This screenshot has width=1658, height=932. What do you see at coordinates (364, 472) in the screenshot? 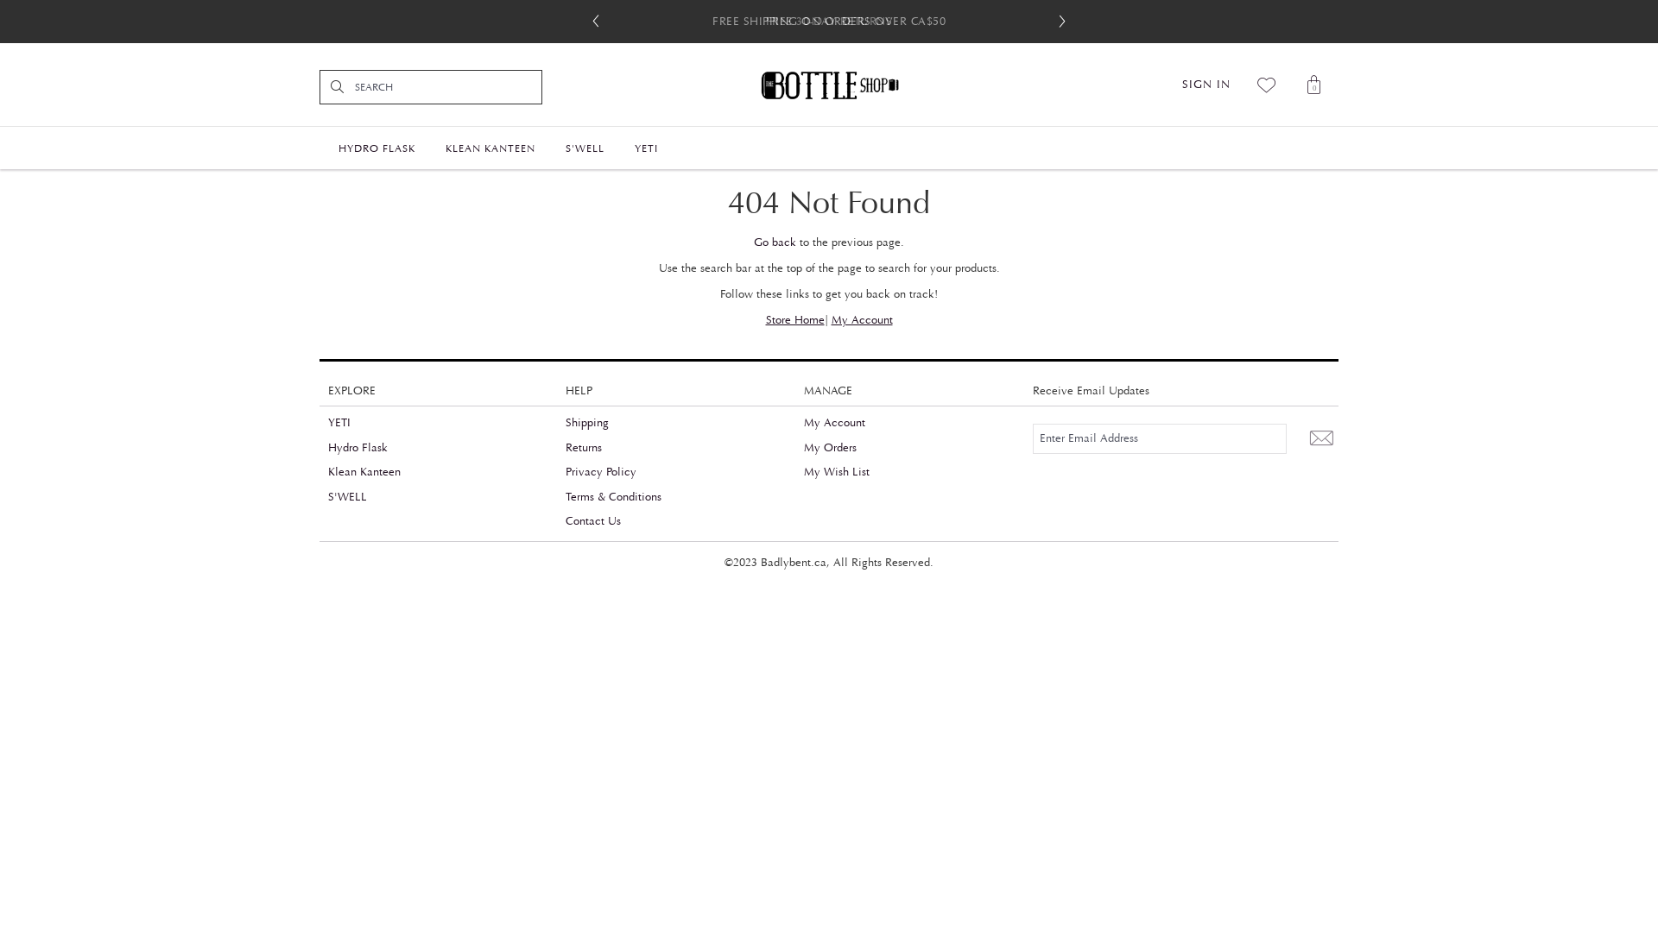
I see `'Klean Kanteen'` at bounding box center [364, 472].